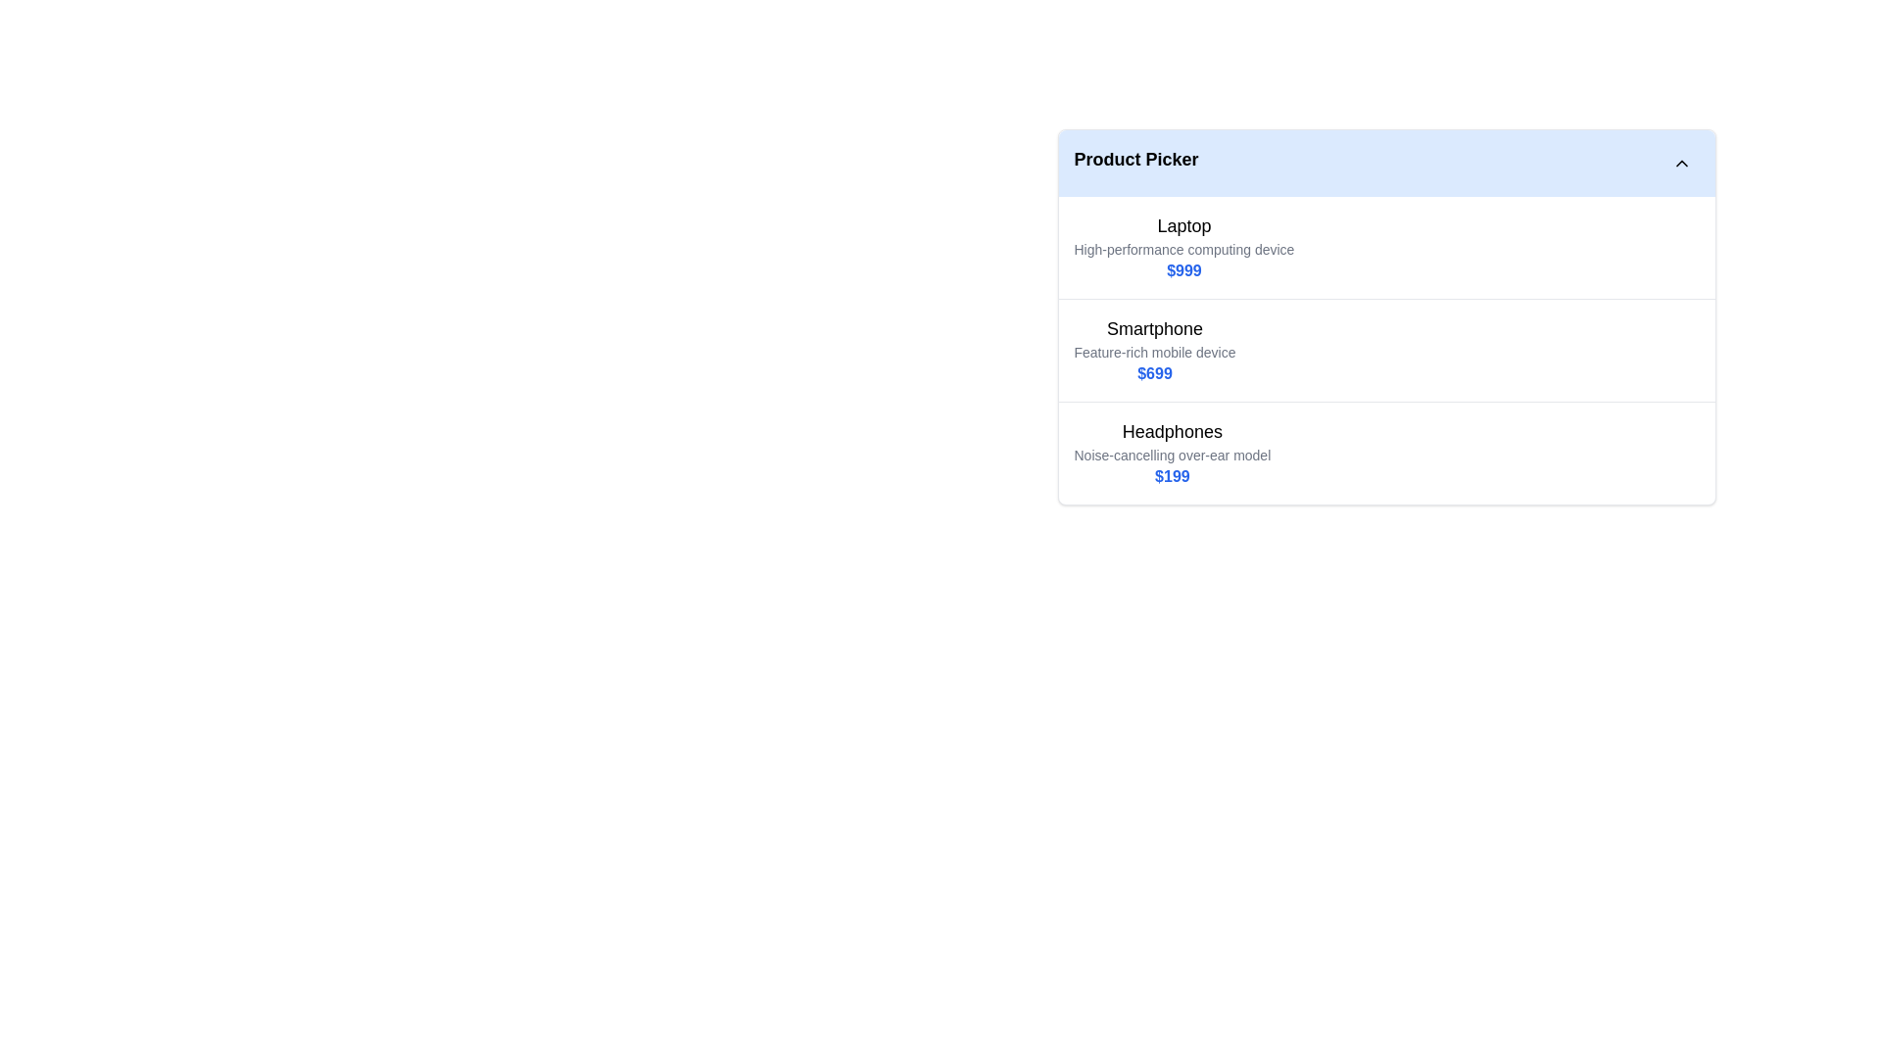 The width and height of the screenshot is (1881, 1058). What do you see at coordinates (1172, 476) in the screenshot?
I see `the price text label displaying the cost of the Headphones product, located in the 'Product Picker' interface under the 'Headphones' section` at bounding box center [1172, 476].